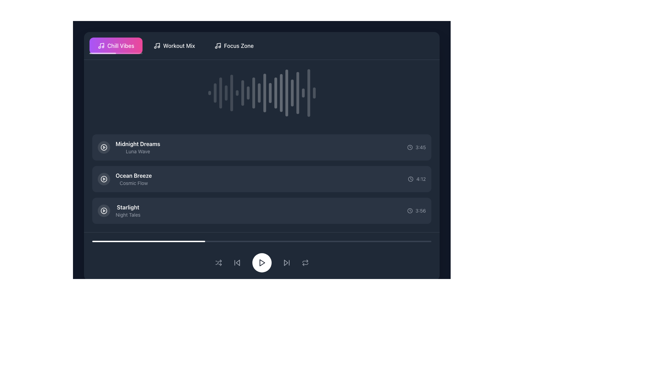 The width and height of the screenshot is (661, 372). I want to click on the 13th Decorative visual bar in the sequence of vertical bars, which is styled with a light color and has a glowing animation, so click(275, 93).